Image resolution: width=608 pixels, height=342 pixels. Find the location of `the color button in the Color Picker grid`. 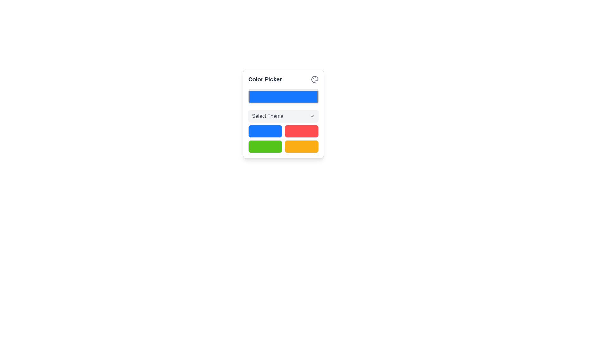

the color button in the Color Picker grid is located at coordinates (283, 139).